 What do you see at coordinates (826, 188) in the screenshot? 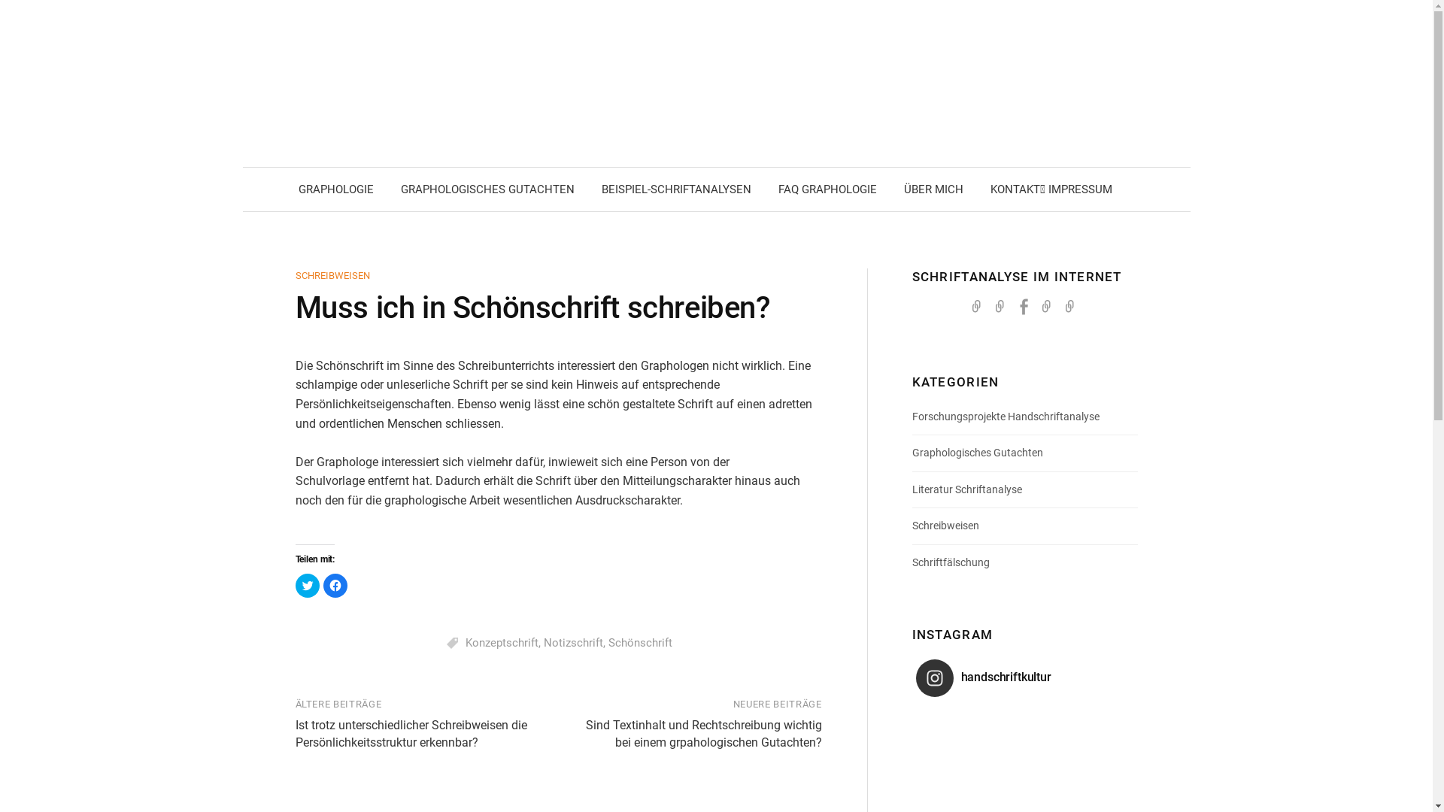
I see `'FAQ GRAPHOLOGIE'` at bounding box center [826, 188].